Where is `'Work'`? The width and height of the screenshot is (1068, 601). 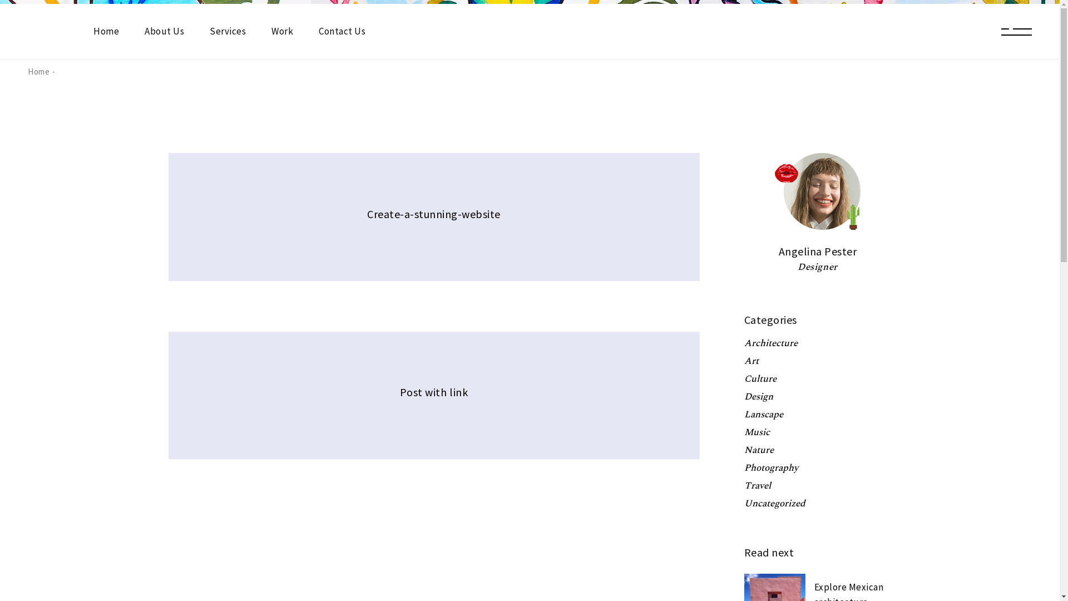 'Work' is located at coordinates (596, 398).